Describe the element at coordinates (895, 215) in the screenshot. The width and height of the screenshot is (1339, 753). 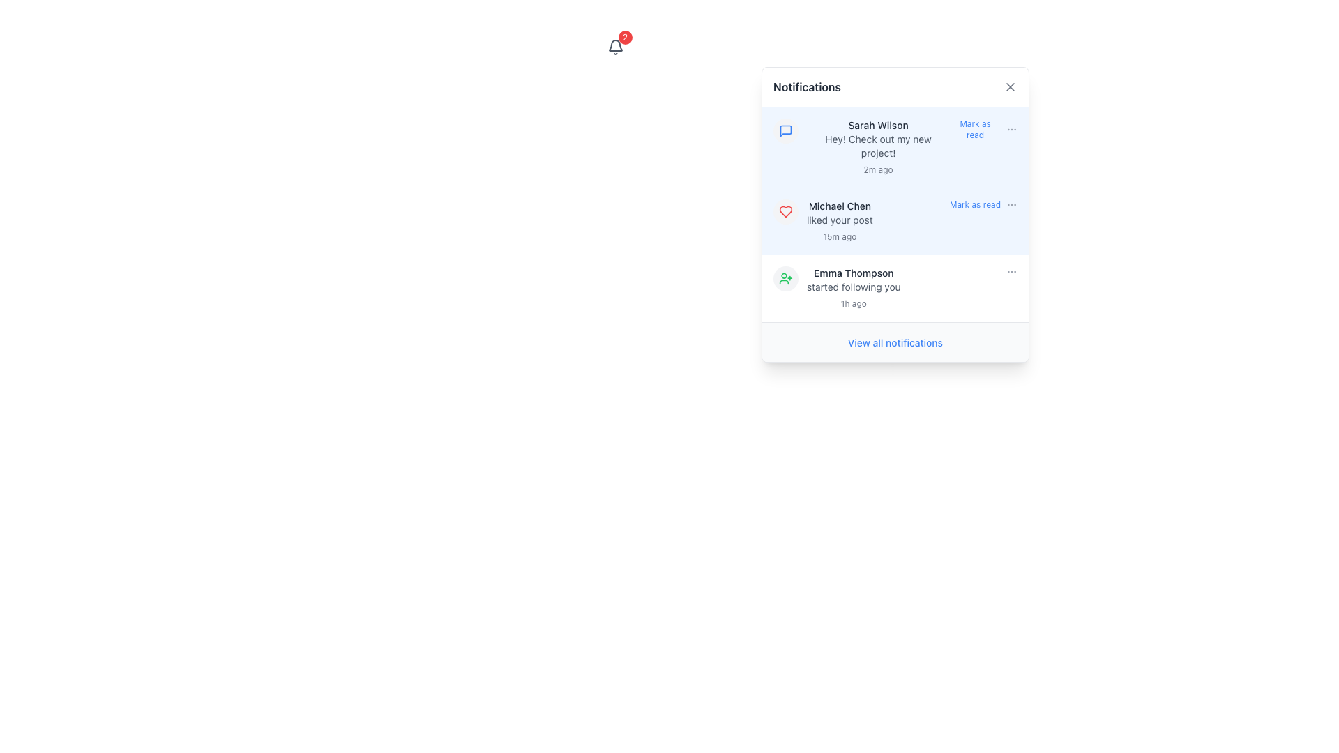
I see `the notification item for 'Michael Chen' in the notification feed to mark it as read` at that location.